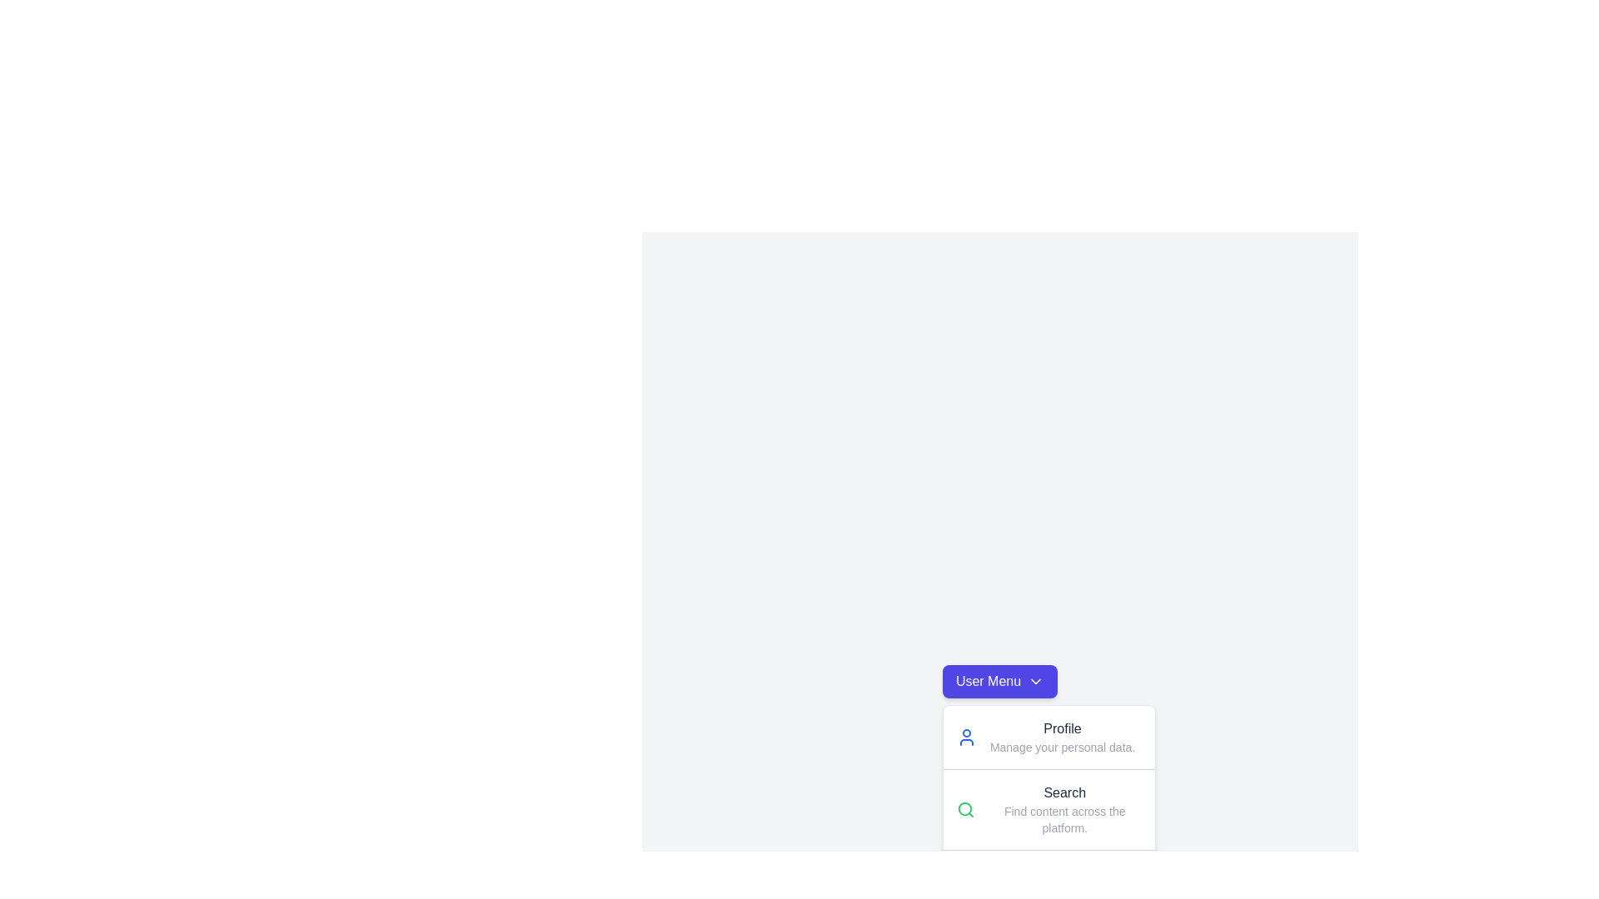  Describe the element at coordinates (999, 681) in the screenshot. I see `the 'User Menu' dropdown toggle button with a purple background and white text` at that location.